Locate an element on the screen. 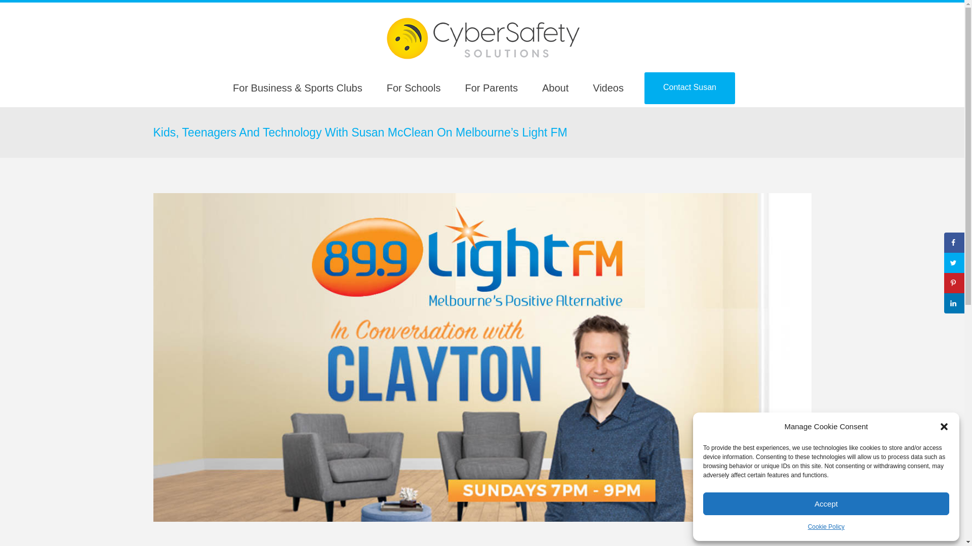 The image size is (972, 546). 'Share on Twitter' is located at coordinates (944, 262).